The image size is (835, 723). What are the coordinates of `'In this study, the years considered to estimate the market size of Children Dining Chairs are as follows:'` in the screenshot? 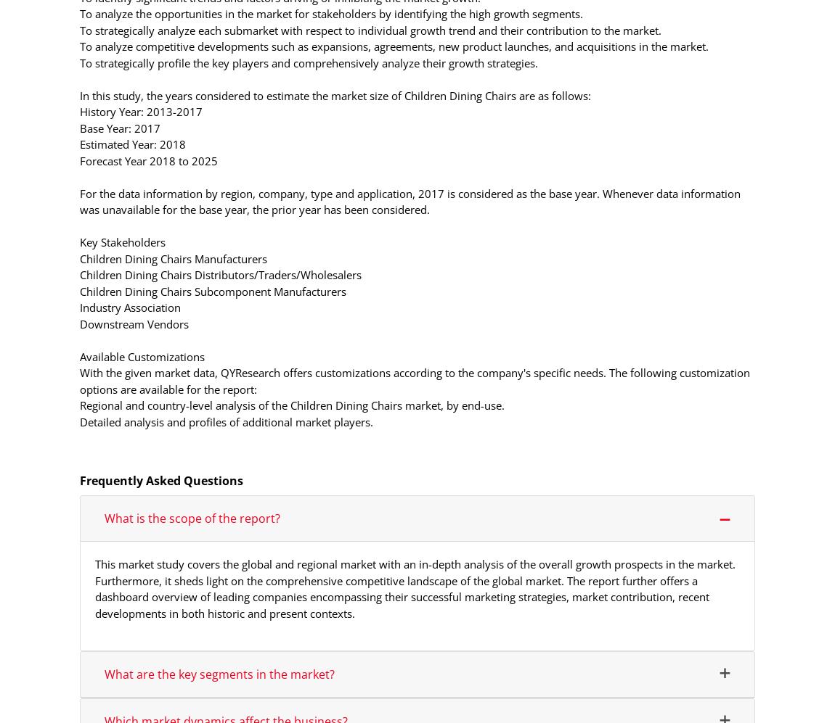 It's located at (335, 95).